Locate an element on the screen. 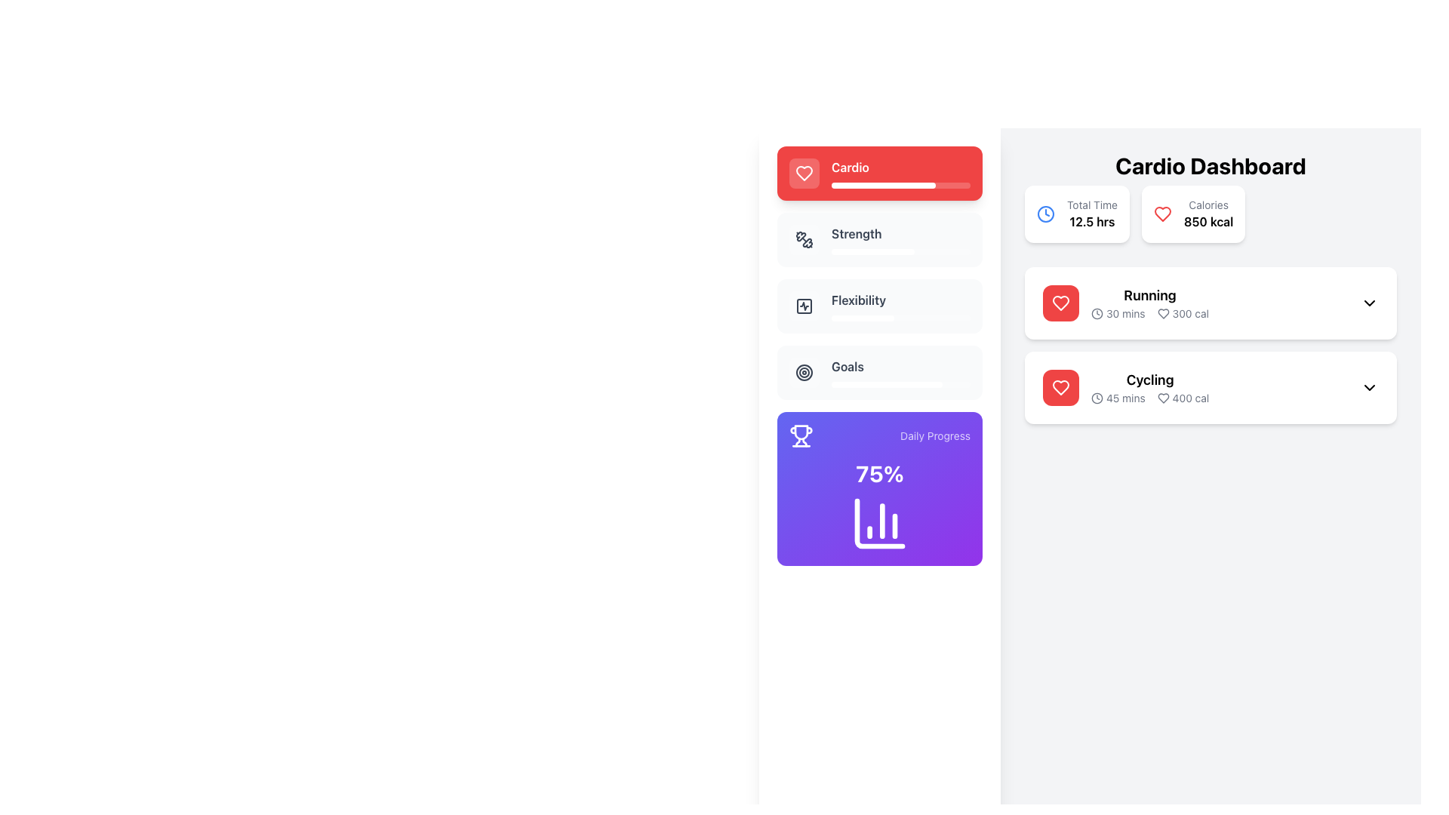 This screenshot has height=815, width=1449. the 'Total Time' text display component in the 'Cardio Dashboard' section, which shows 'Total Time' in gray and '12.5 hrs' in bold black is located at coordinates (1092, 214).